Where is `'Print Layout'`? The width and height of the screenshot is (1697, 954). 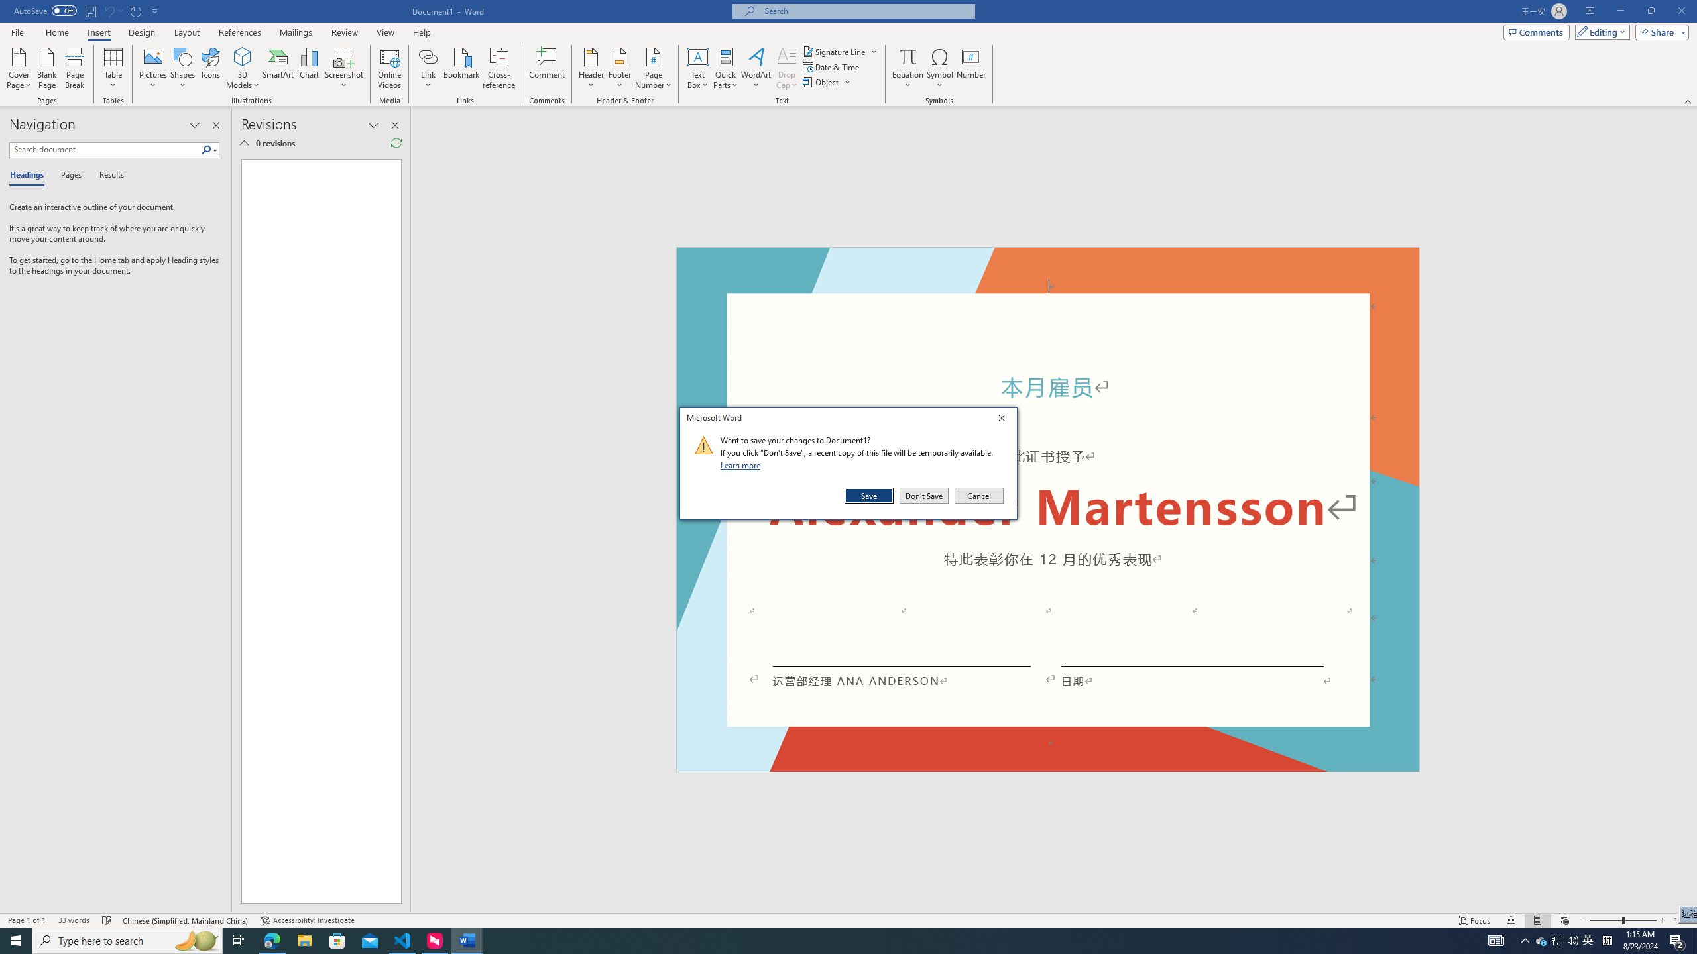
'Print Layout' is located at coordinates (1537, 920).